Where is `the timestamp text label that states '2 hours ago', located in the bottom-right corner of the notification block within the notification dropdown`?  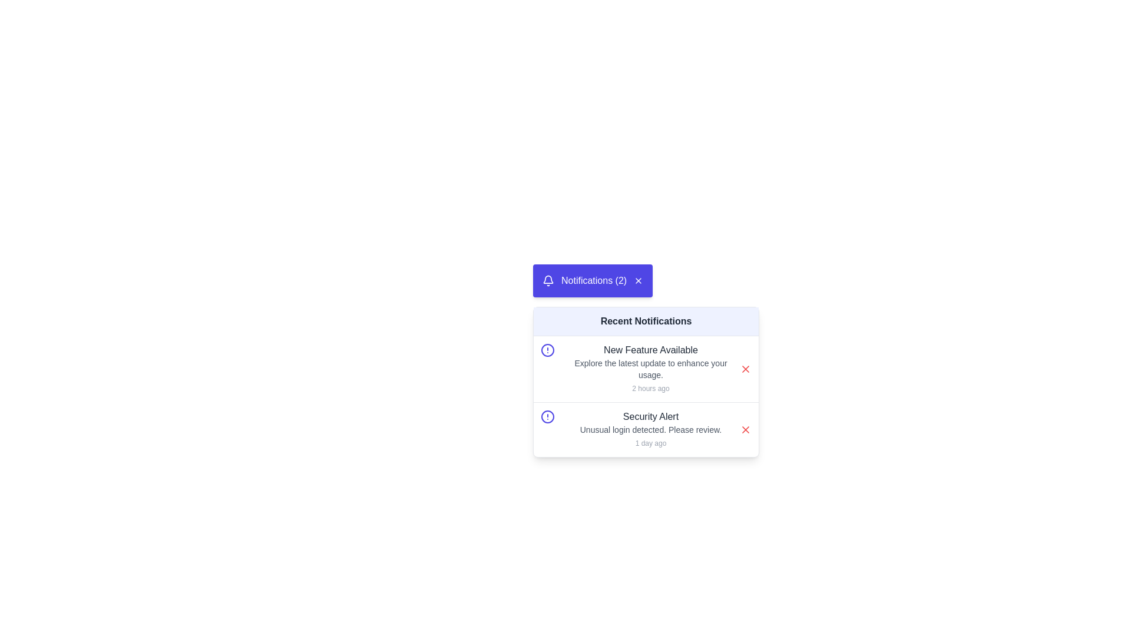
the timestamp text label that states '2 hours ago', located in the bottom-right corner of the notification block within the notification dropdown is located at coordinates (650, 388).